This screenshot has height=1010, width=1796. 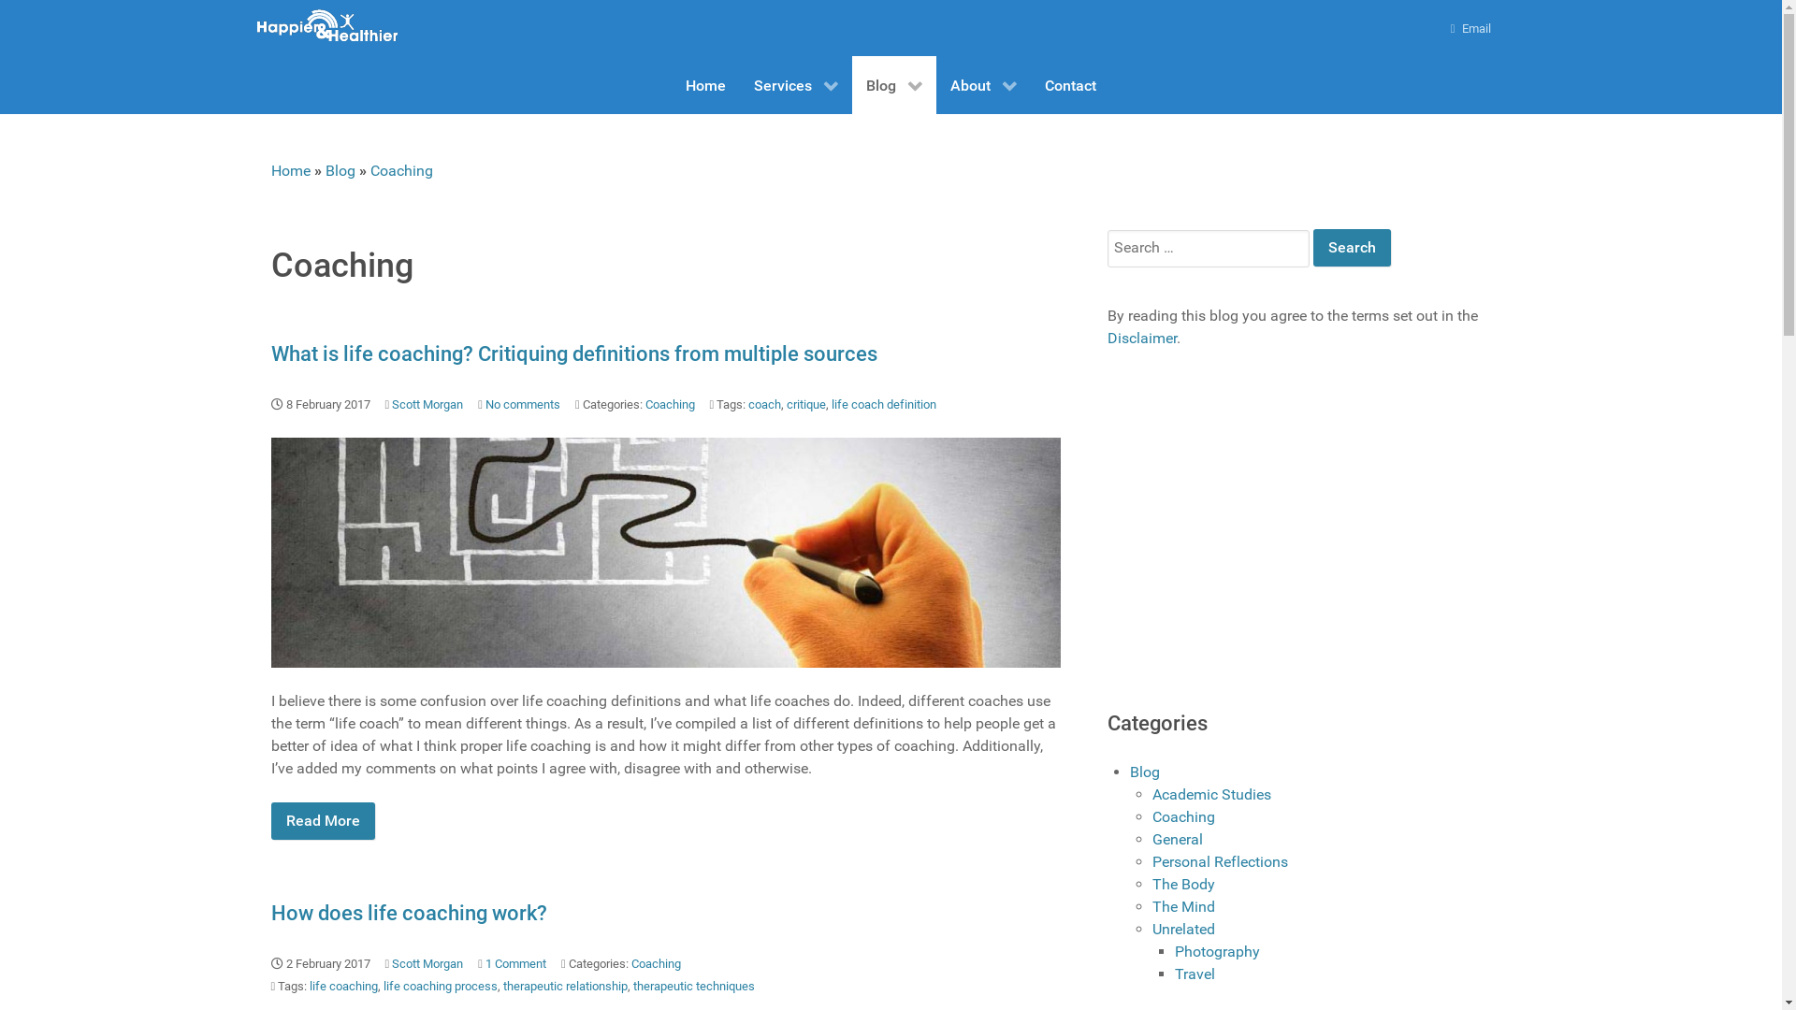 I want to click on 'Coaching', so click(x=670, y=403).